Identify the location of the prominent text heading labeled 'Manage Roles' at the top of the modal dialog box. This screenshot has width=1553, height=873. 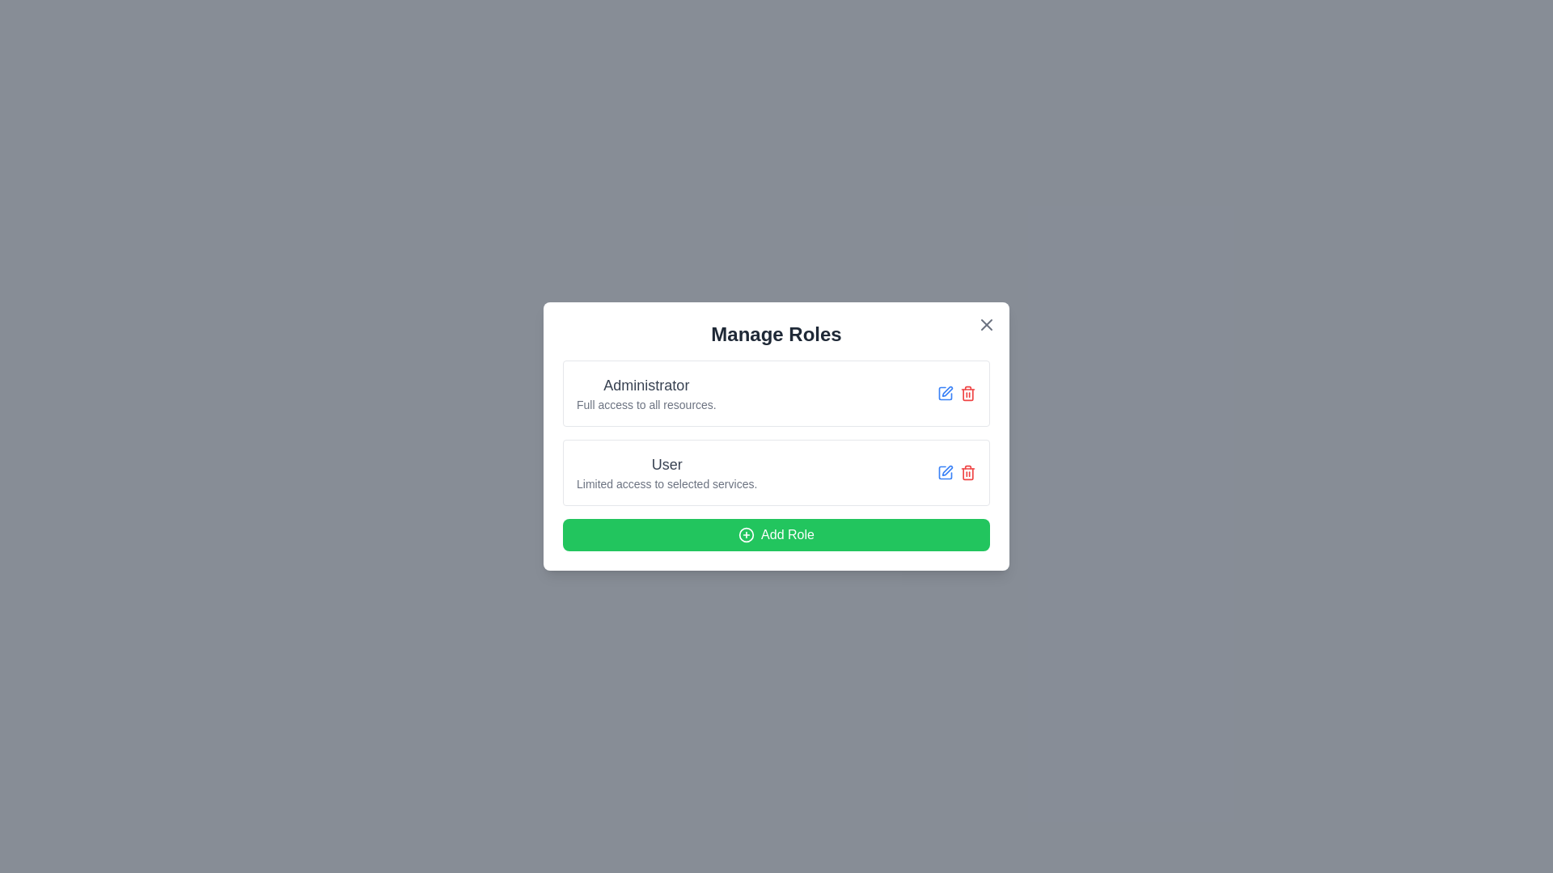
(776, 333).